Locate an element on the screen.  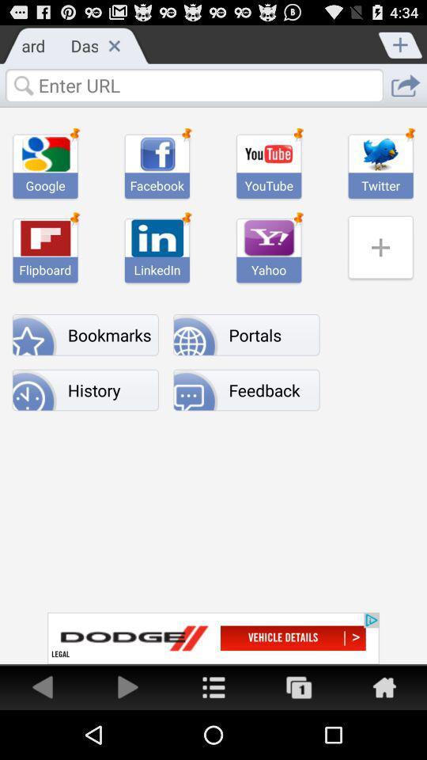
search url is located at coordinates (194, 85).